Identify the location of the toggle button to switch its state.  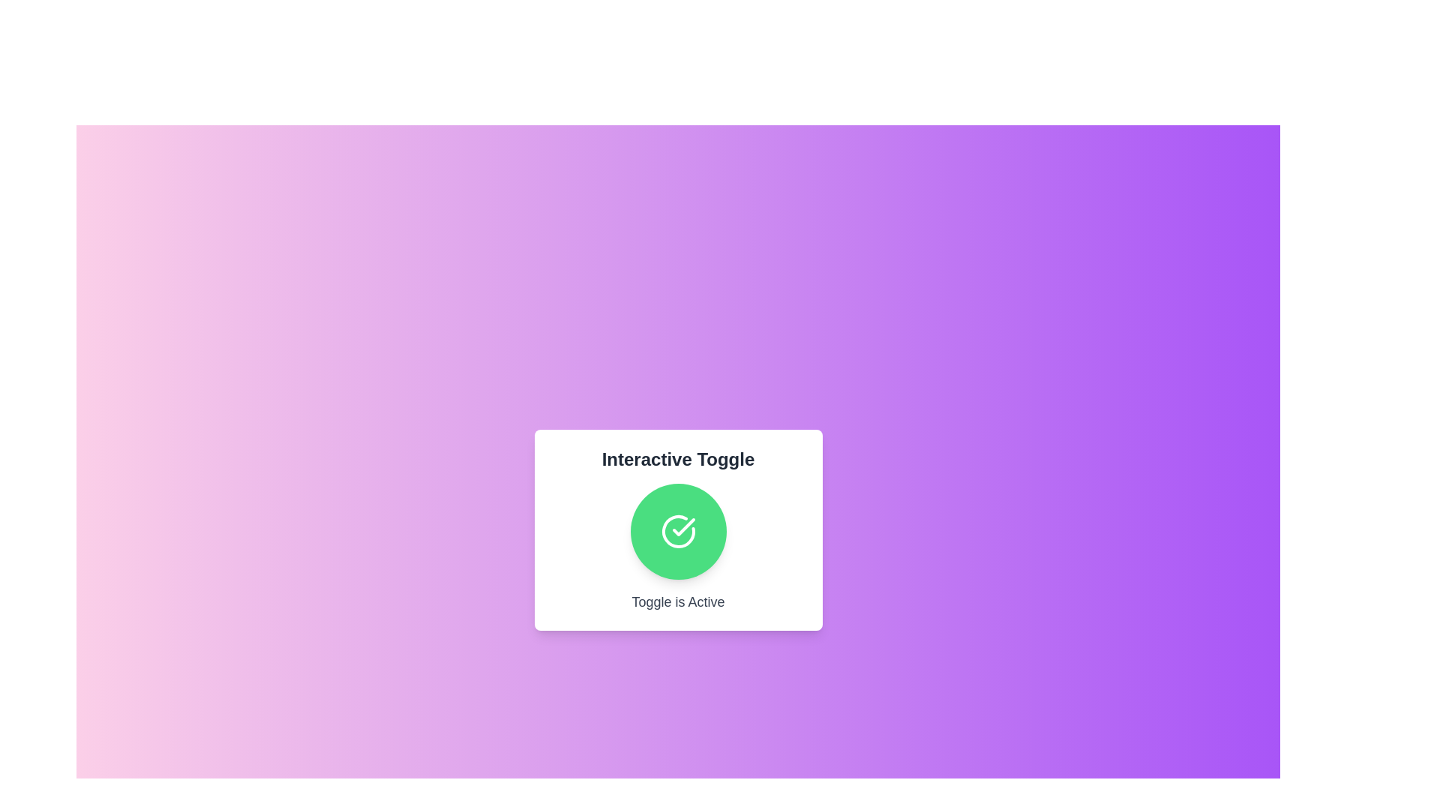
(677, 531).